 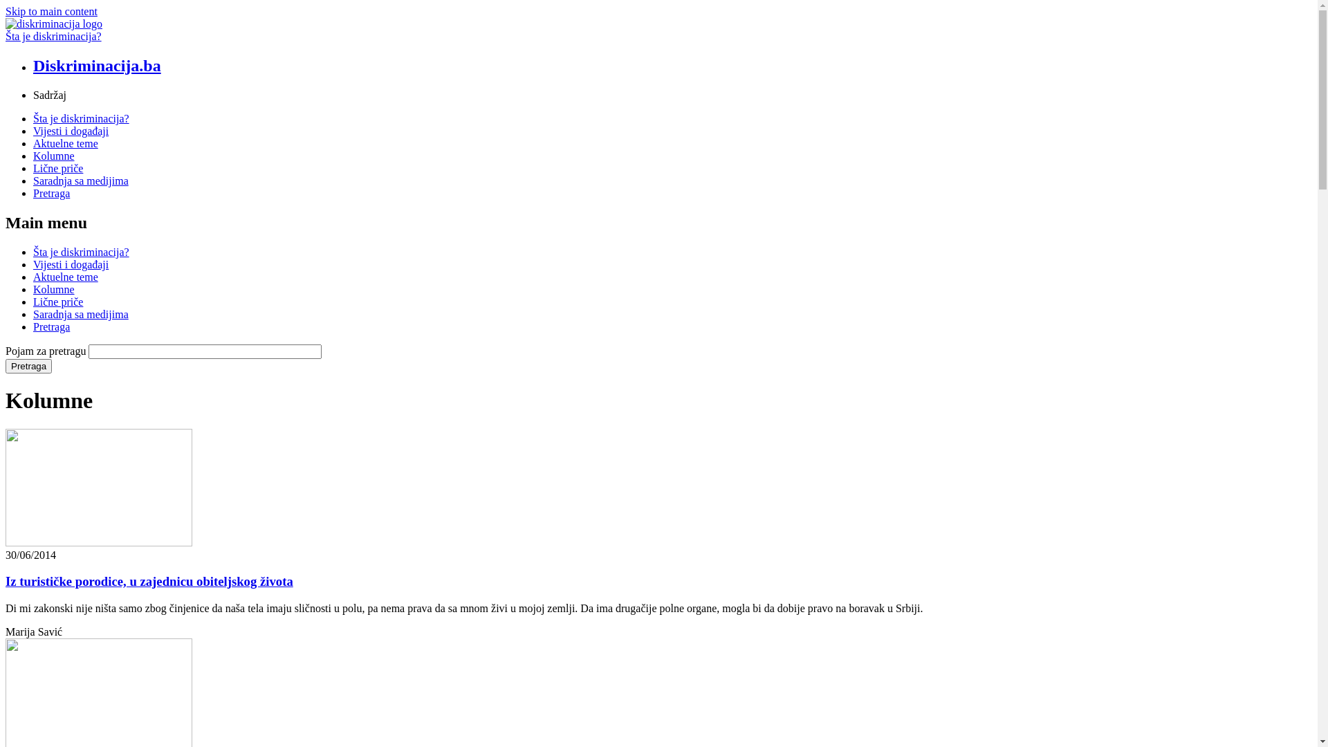 What do you see at coordinates (65, 277) in the screenshot?
I see `'Aktuelne teme'` at bounding box center [65, 277].